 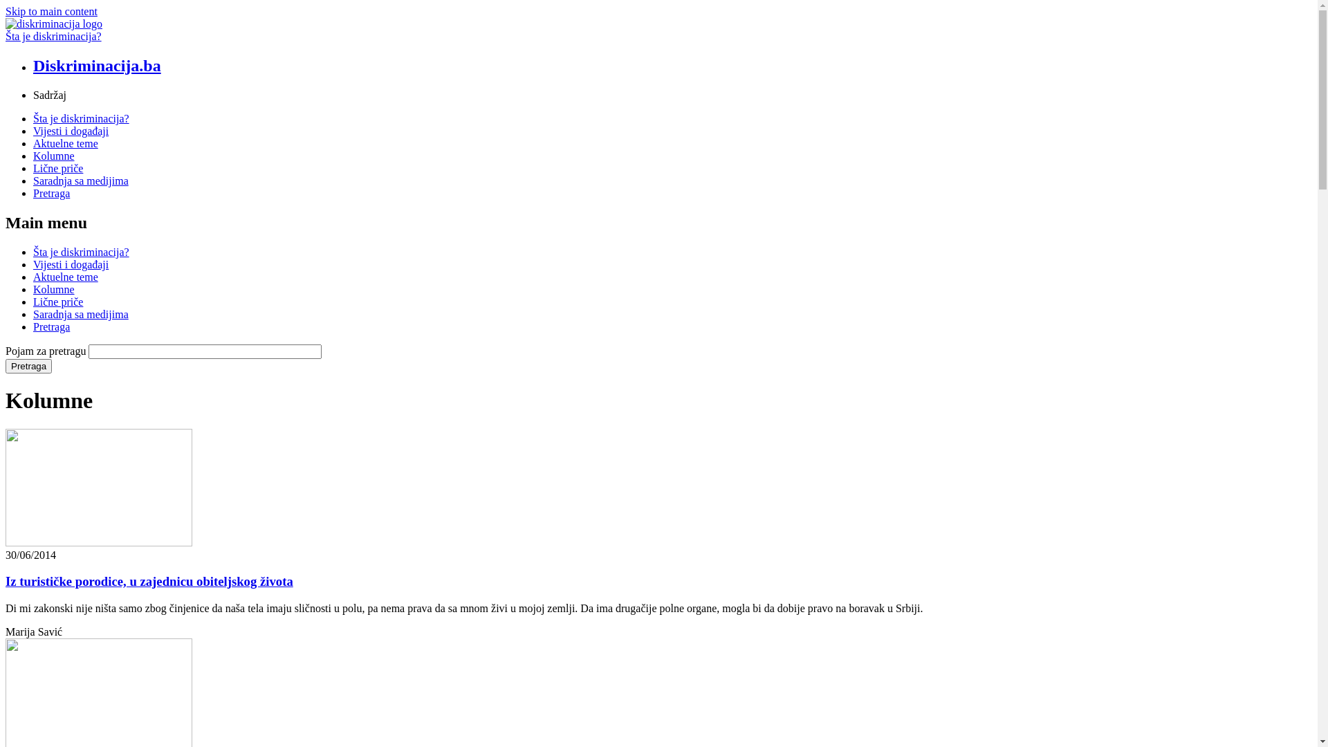 What do you see at coordinates (65, 277) in the screenshot?
I see `'Aktuelne teme'` at bounding box center [65, 277].